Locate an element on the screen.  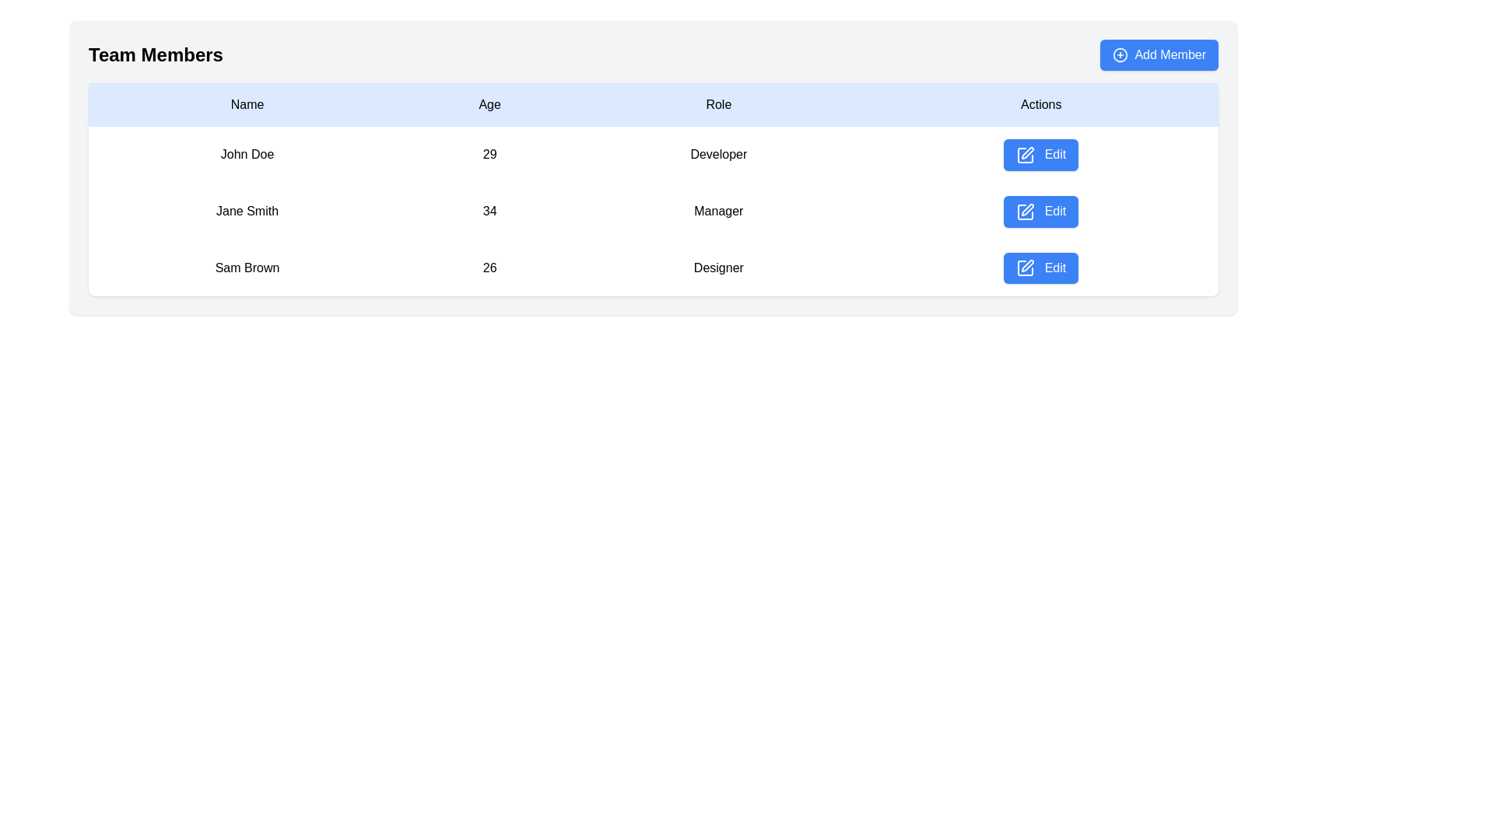
the 'Add Member' icon located on the left side of the 'Add Member' button, which visually indicates the purpose of adding a new member is located at coordinates (1120, 54).